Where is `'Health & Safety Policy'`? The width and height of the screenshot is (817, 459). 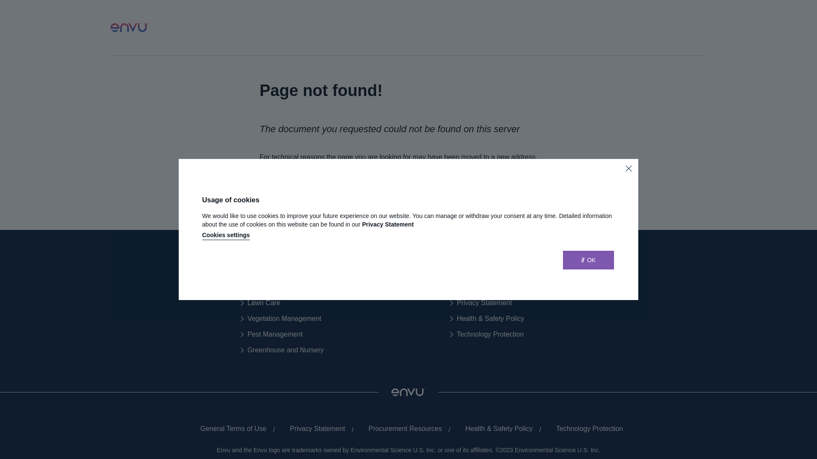 'Health & Safety Policy' is located at coordinates (487, 318).